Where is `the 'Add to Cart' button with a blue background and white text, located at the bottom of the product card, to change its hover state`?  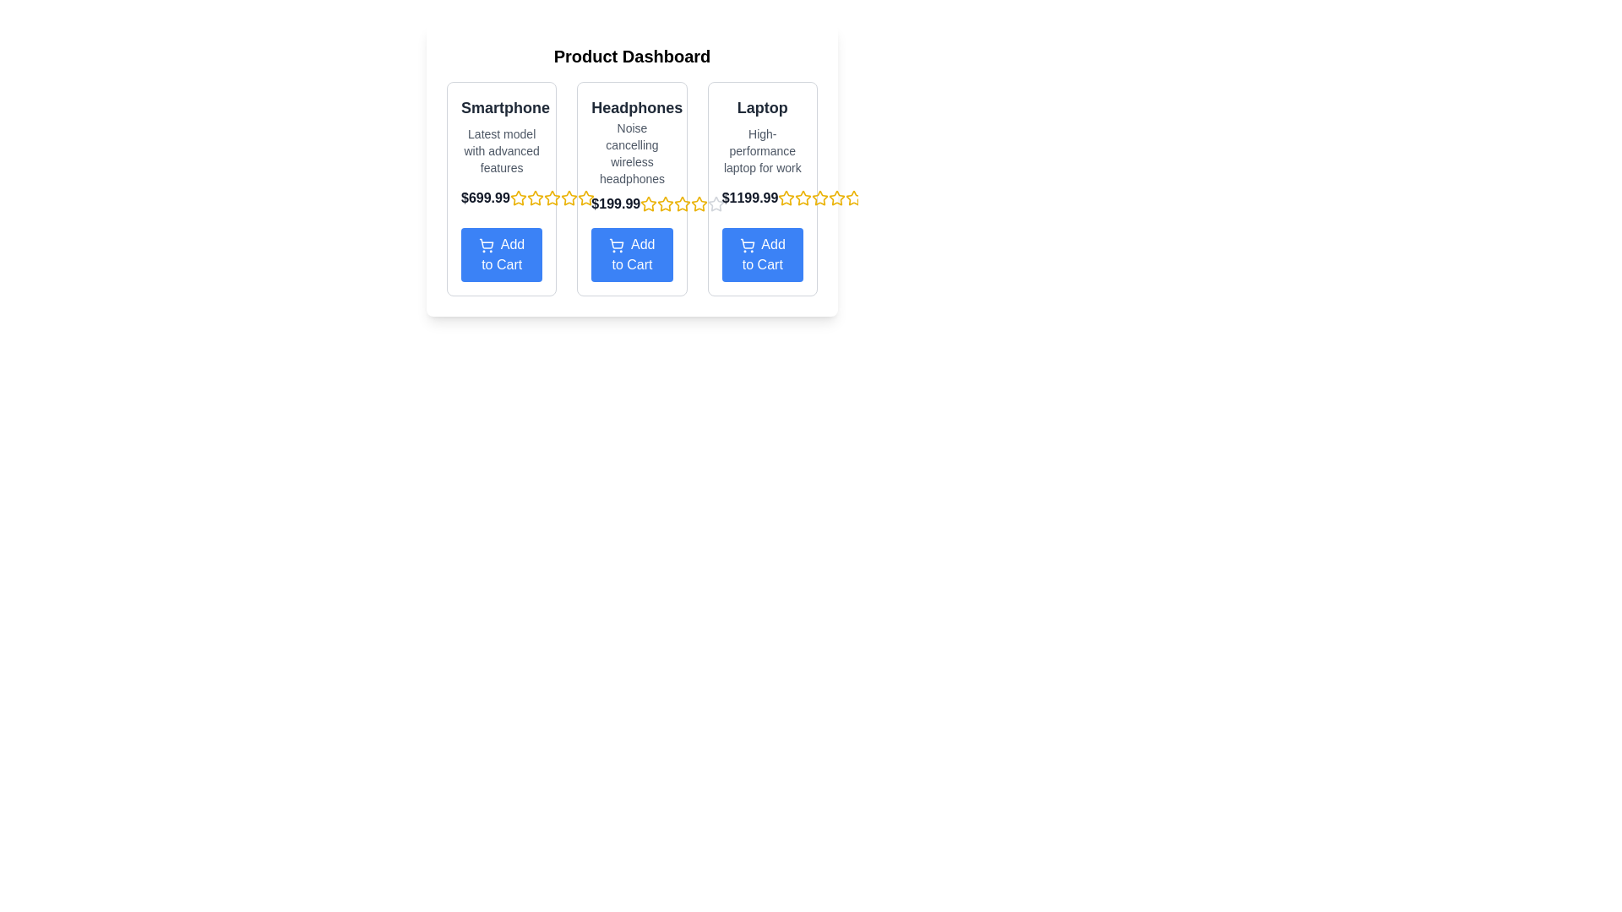 the 'Add to Cart' button with a blue background and white text, located at the bottom of the product card, to change its hover state is located at coordinates (501, 254).